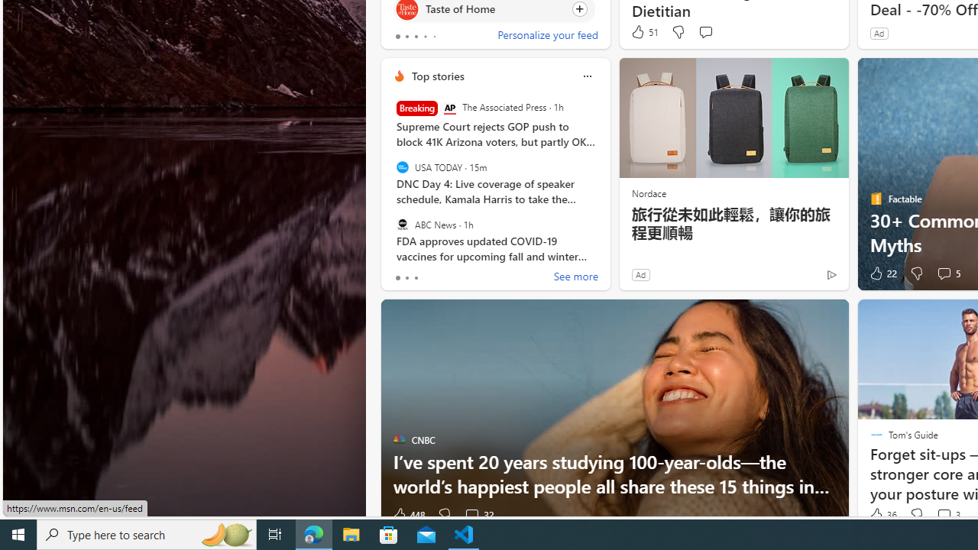  What do you see at coordinates (882, 273) in the screenshot?
I see `'22 Like'` at bounding box center [882, 273].